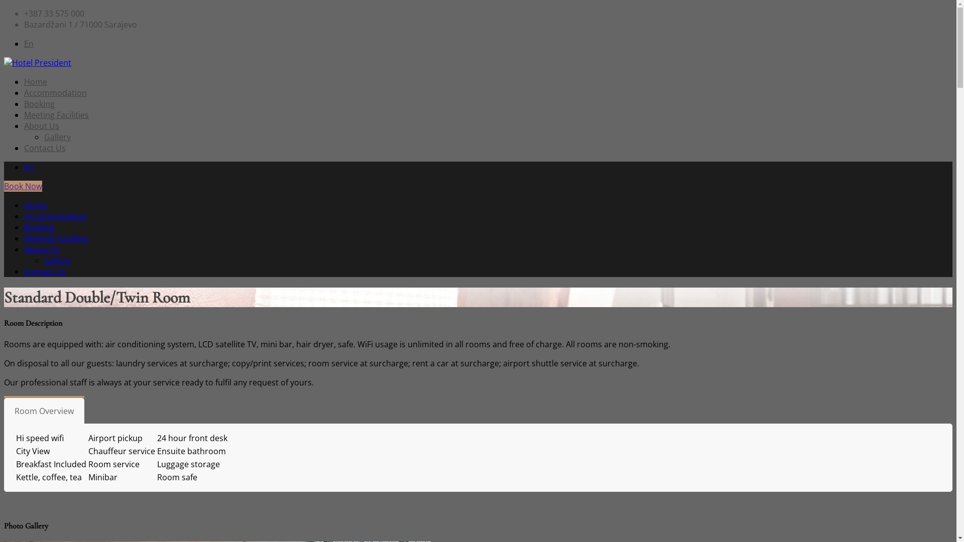 The height and width of the screenshot is (542, 964). Describe the element at coordinates (24, 249) in the screenshot. I see `'About Us'` at that location.